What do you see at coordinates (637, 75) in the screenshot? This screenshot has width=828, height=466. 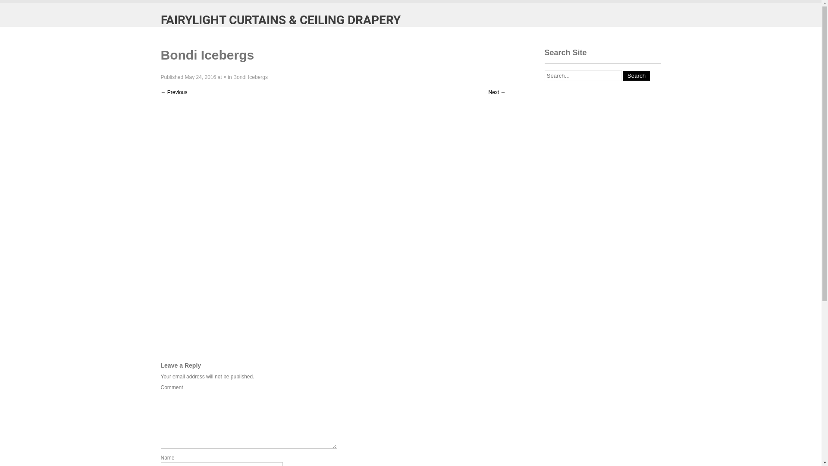 I see `'Search'` at bounding box center [637, 75].